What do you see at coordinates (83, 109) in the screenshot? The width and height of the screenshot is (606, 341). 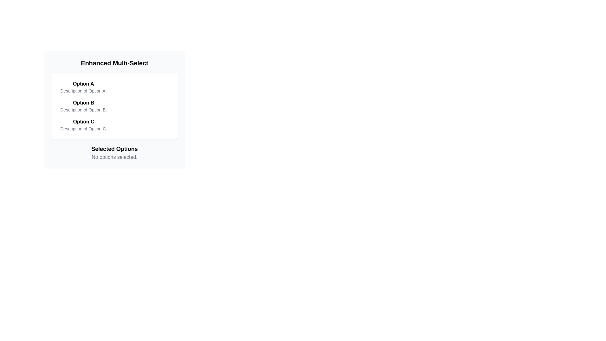 I see `descriptive paragraph text element located directly beneath the title 'Option B' within the 'Enhanced Multi-Select' card-like component` at bounding box center [83, 109].